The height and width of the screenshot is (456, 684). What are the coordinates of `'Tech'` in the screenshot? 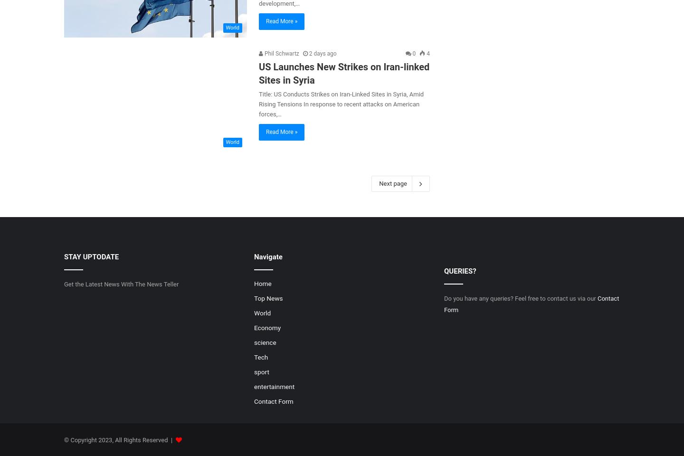 It's located at (260, 356).